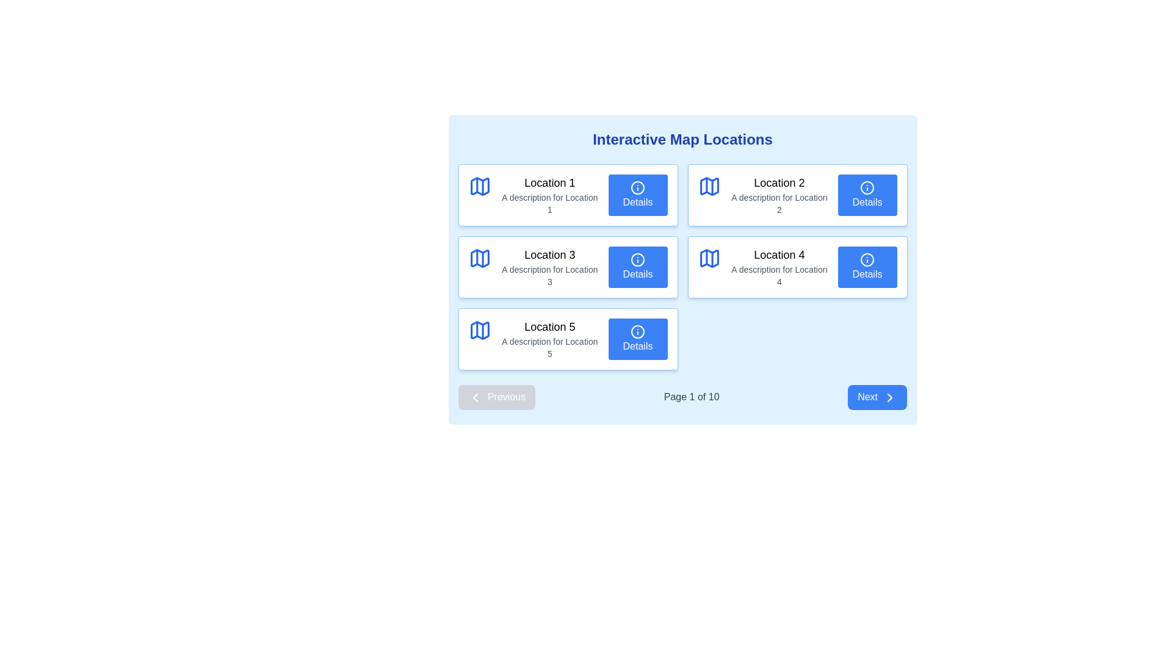  Describe the element at coordinates (479, 258) in the screenshot. I see `the icon resembling a map located in the third box ('Location 3') of the grid layout, specifically positioned in the second row, first column` at that location.